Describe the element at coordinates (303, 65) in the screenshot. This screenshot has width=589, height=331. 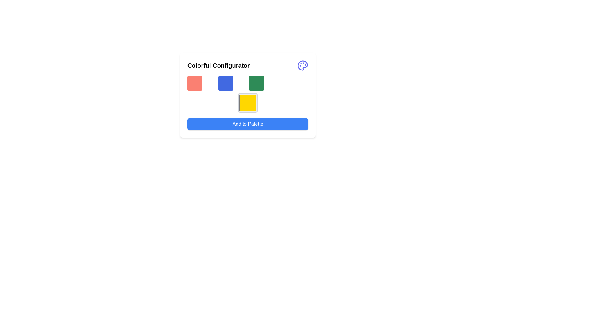
I see `the color palette selection icon located to the right of the 'Colorful Configurator' title in the top header section of the card` at that location.